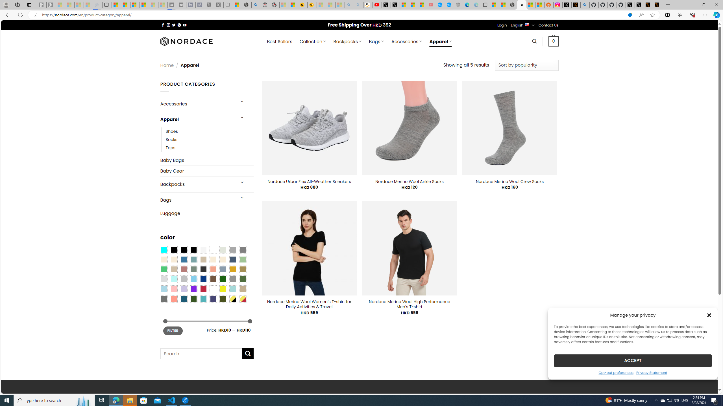  I want to click on 'Caramel', so click(213, 259).